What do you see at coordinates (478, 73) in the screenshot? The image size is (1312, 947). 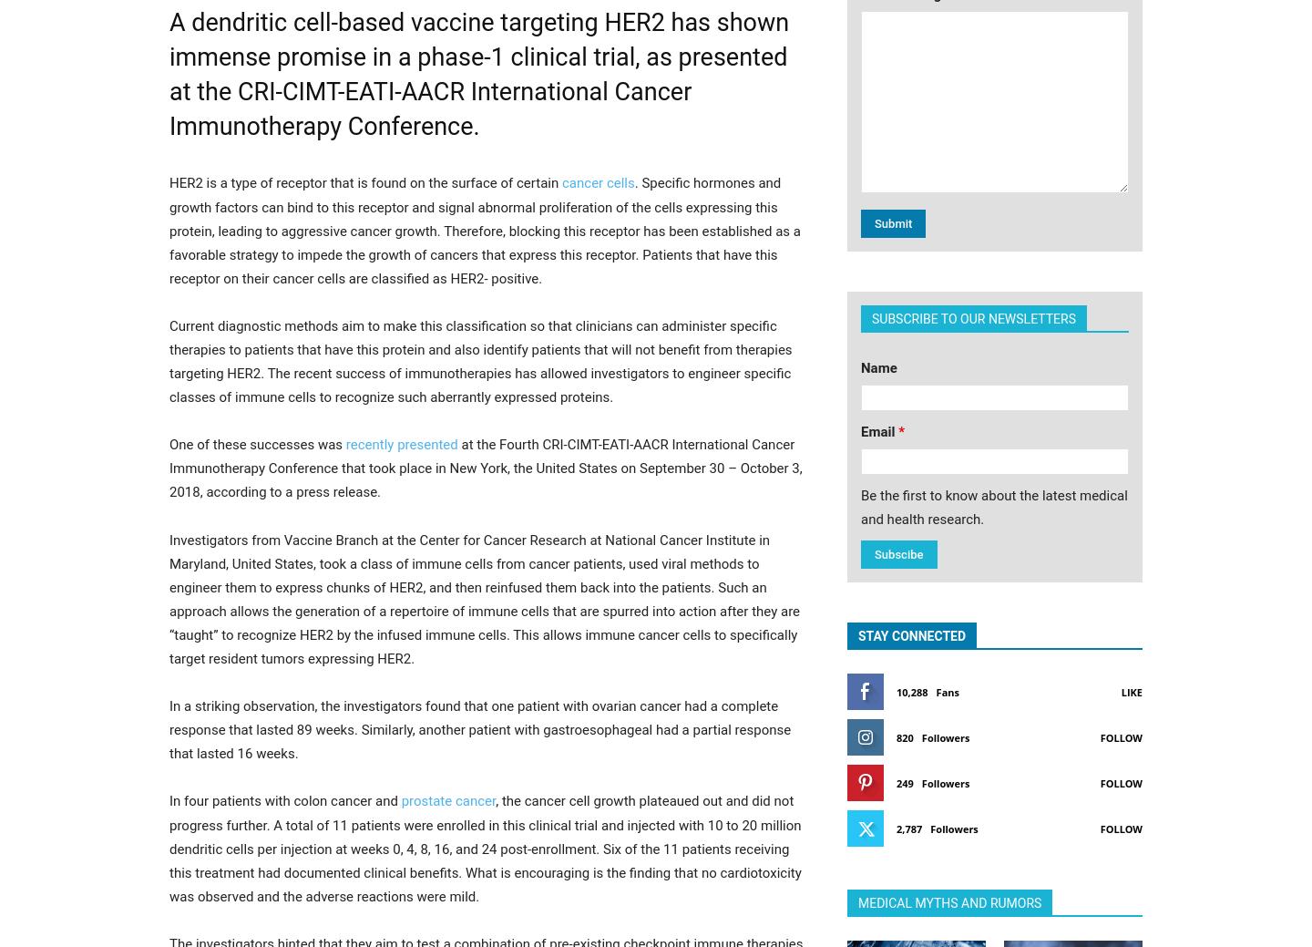 I see `'A dendritic cell-based vaccine targeting HER2 has shown immense promise in a phase-1 clinical trial, as presented at the CRI-CIMT-EATI-AACR International Cancer Immunotherapy Conference.'` at bounding box center [478, 73].